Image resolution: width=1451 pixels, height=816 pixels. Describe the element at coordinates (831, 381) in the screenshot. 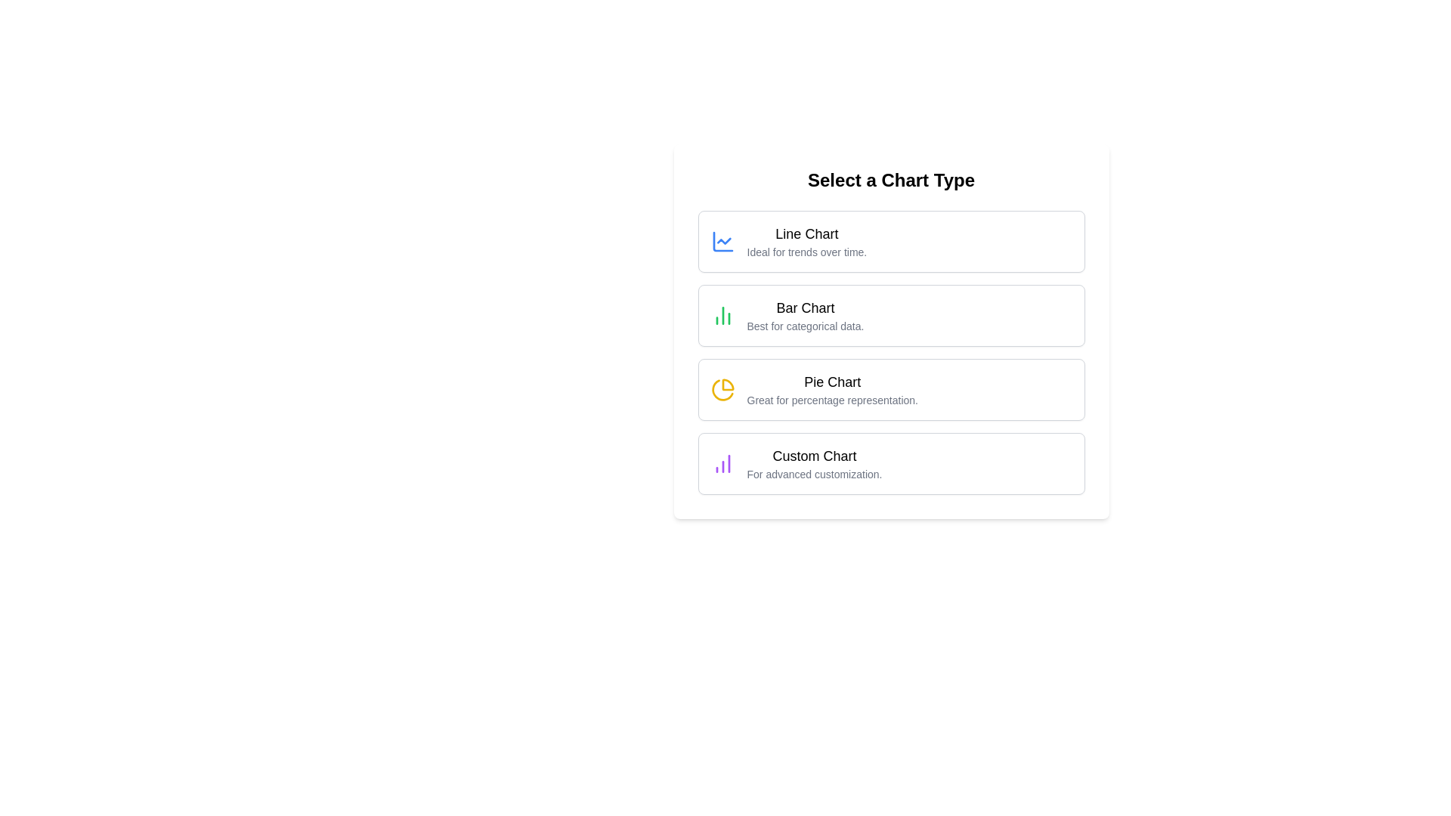

I see `label 'Pie Chart', which is a bold, black textual heading indicating the importance of this chart type option` at that location.